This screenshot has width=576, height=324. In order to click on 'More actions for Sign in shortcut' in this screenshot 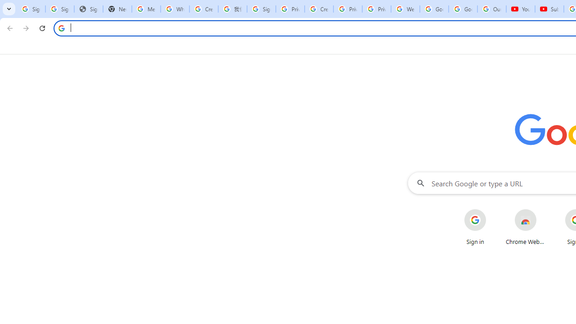, I will do `click(492, 210)`.